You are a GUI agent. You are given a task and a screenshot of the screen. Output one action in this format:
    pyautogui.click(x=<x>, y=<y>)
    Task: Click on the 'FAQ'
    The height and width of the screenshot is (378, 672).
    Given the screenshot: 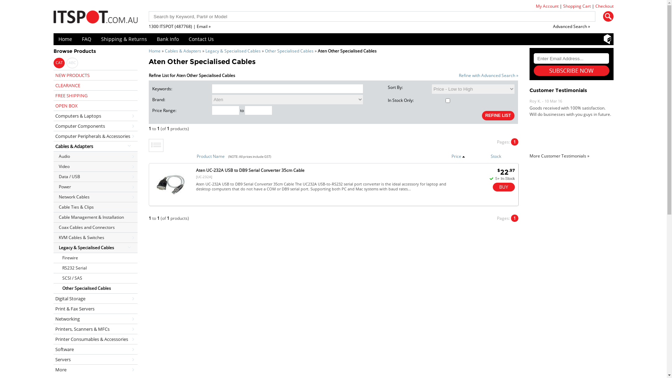 What is the action you would take?
    pyautogui.click(x=86, y=39)
    